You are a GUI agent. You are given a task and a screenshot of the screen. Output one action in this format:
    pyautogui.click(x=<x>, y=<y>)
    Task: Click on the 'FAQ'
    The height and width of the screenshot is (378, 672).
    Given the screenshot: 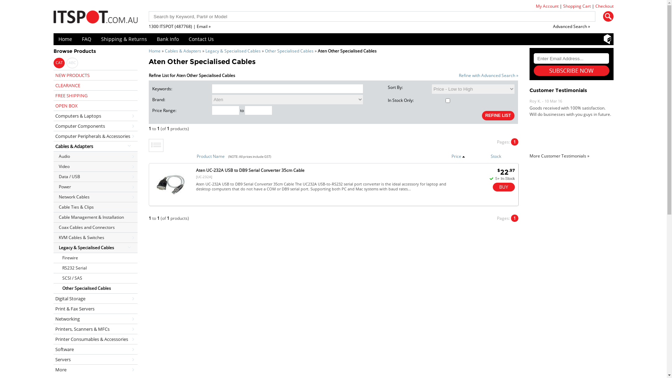 What is the action you would take?
    pyautogui.click(x=86, y=39)
    